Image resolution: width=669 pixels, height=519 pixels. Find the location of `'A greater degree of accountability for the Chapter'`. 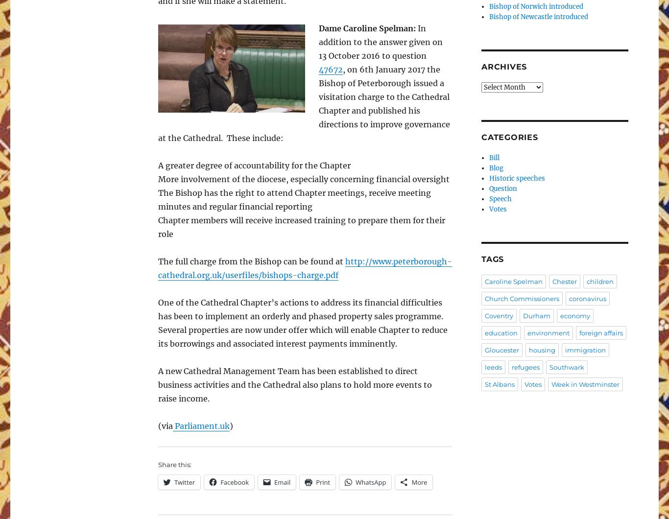

'A greater degree of accountability for the Chapter' is located at coordinates (254, 165).